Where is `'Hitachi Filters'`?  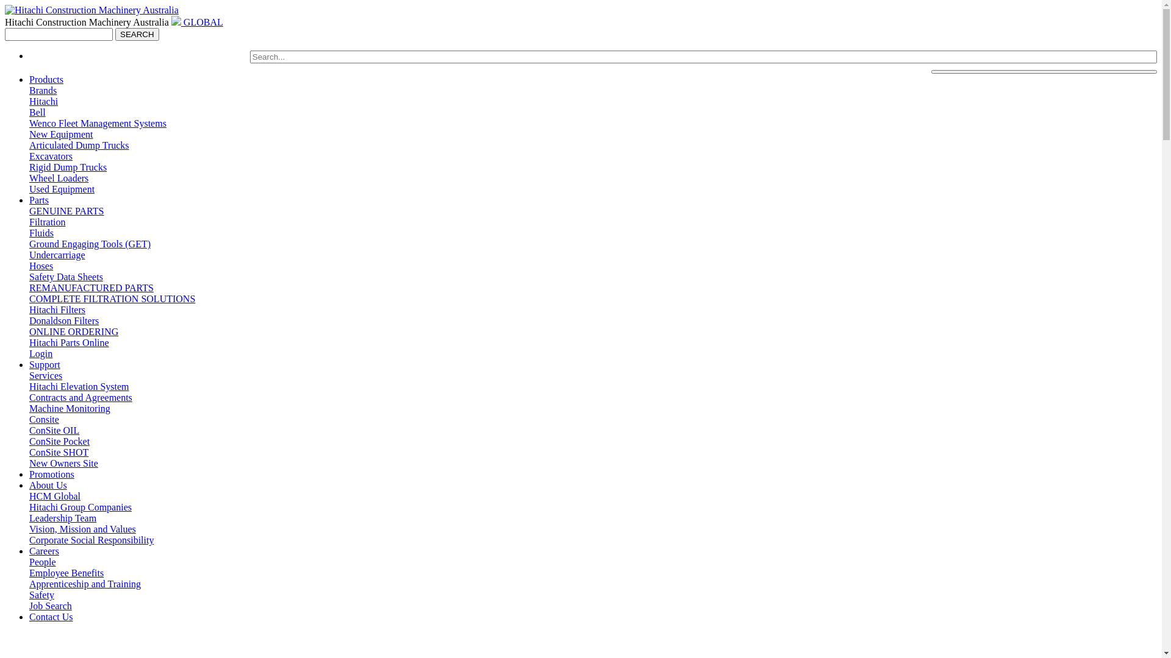 'Hitachi Filters' is located at coordinates (57, 309).